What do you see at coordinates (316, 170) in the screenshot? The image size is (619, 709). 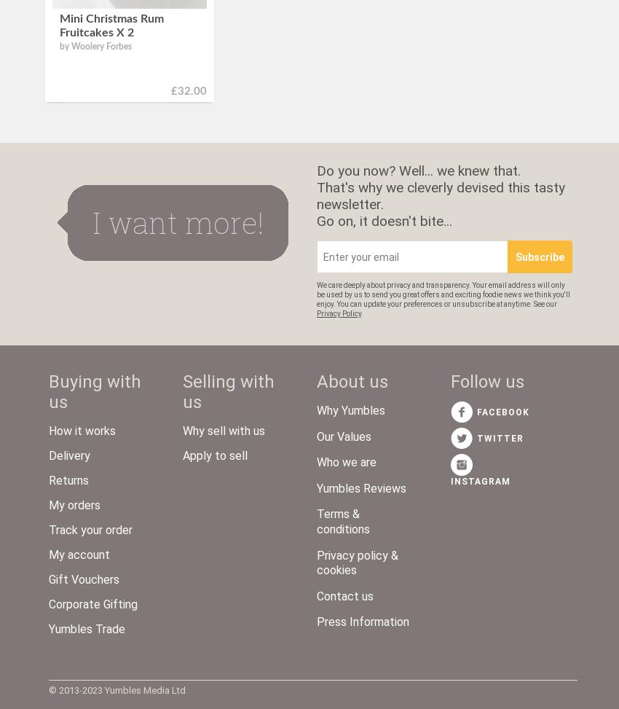 I see `'Do you now? Well... we knew that.'` at bounding box center [316, 170].